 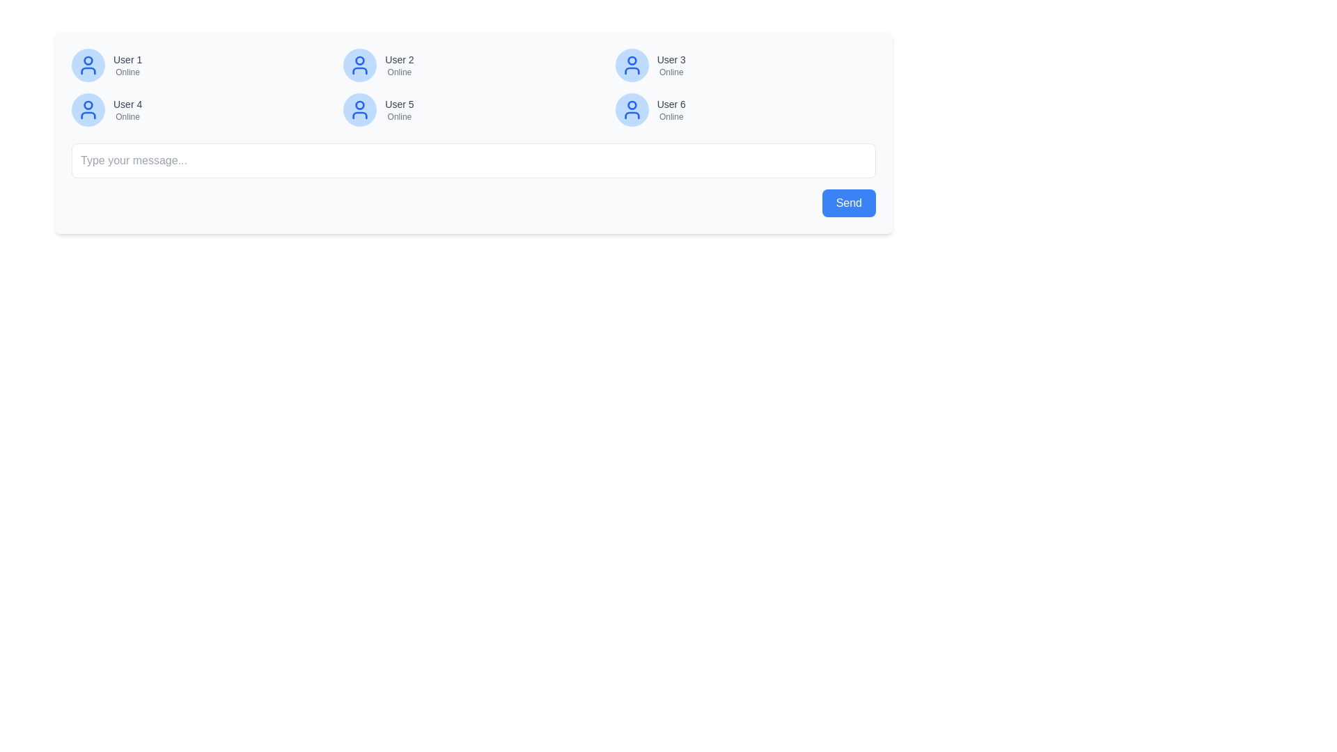 I want to click on the user avatar icon representing 'User 2', which is positioned to the left of the text 'User 2' and 'Online.', so click(x=360, y=65).